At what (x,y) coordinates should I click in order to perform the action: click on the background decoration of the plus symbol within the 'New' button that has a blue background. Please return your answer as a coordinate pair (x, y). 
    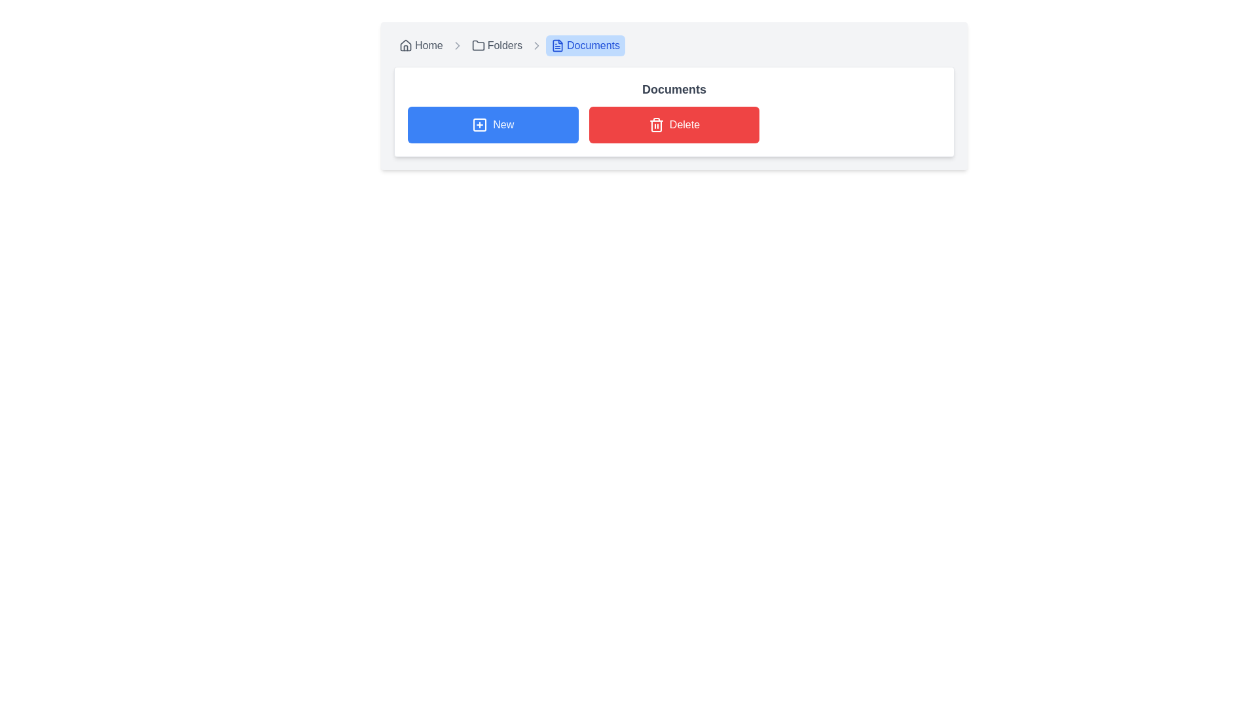
    Looking at the image, I should click on (479, 125).